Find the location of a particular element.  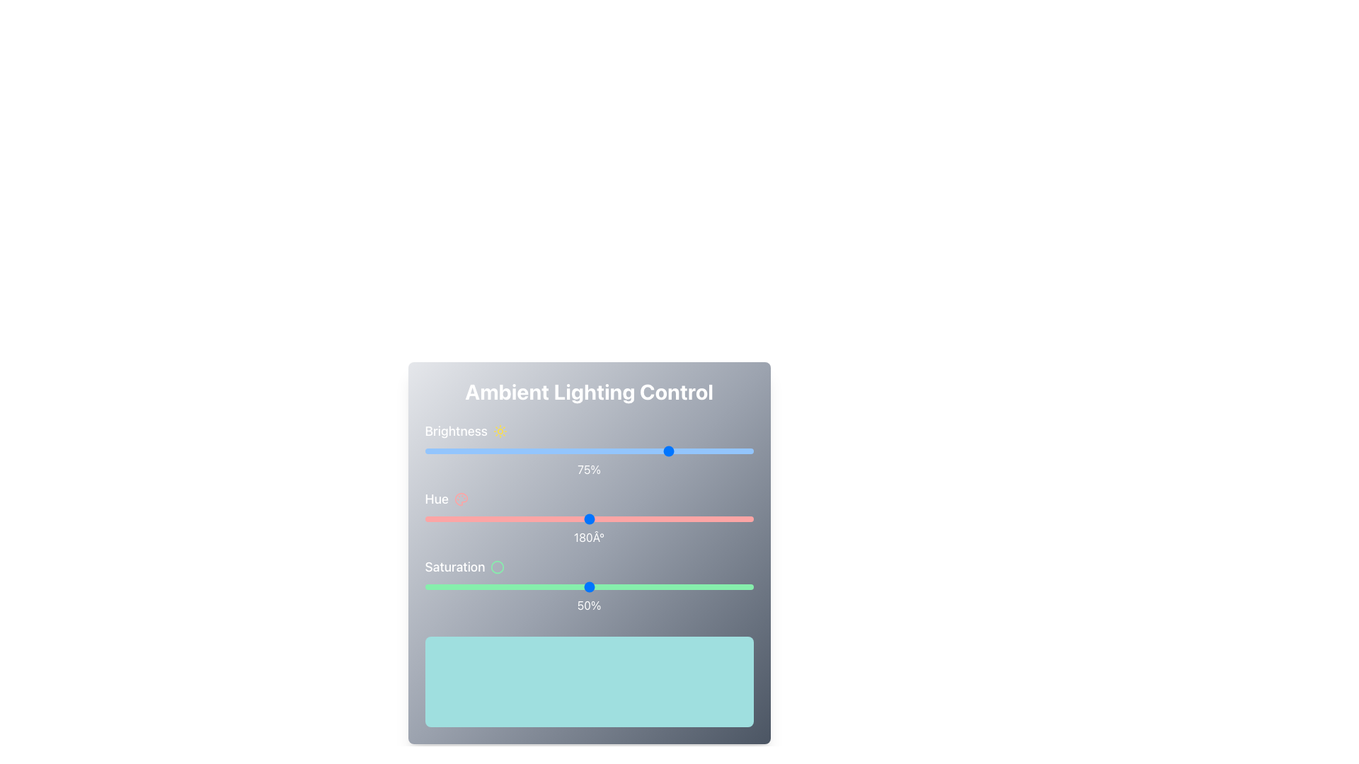

the hue value is located at coordinates (454, 519).